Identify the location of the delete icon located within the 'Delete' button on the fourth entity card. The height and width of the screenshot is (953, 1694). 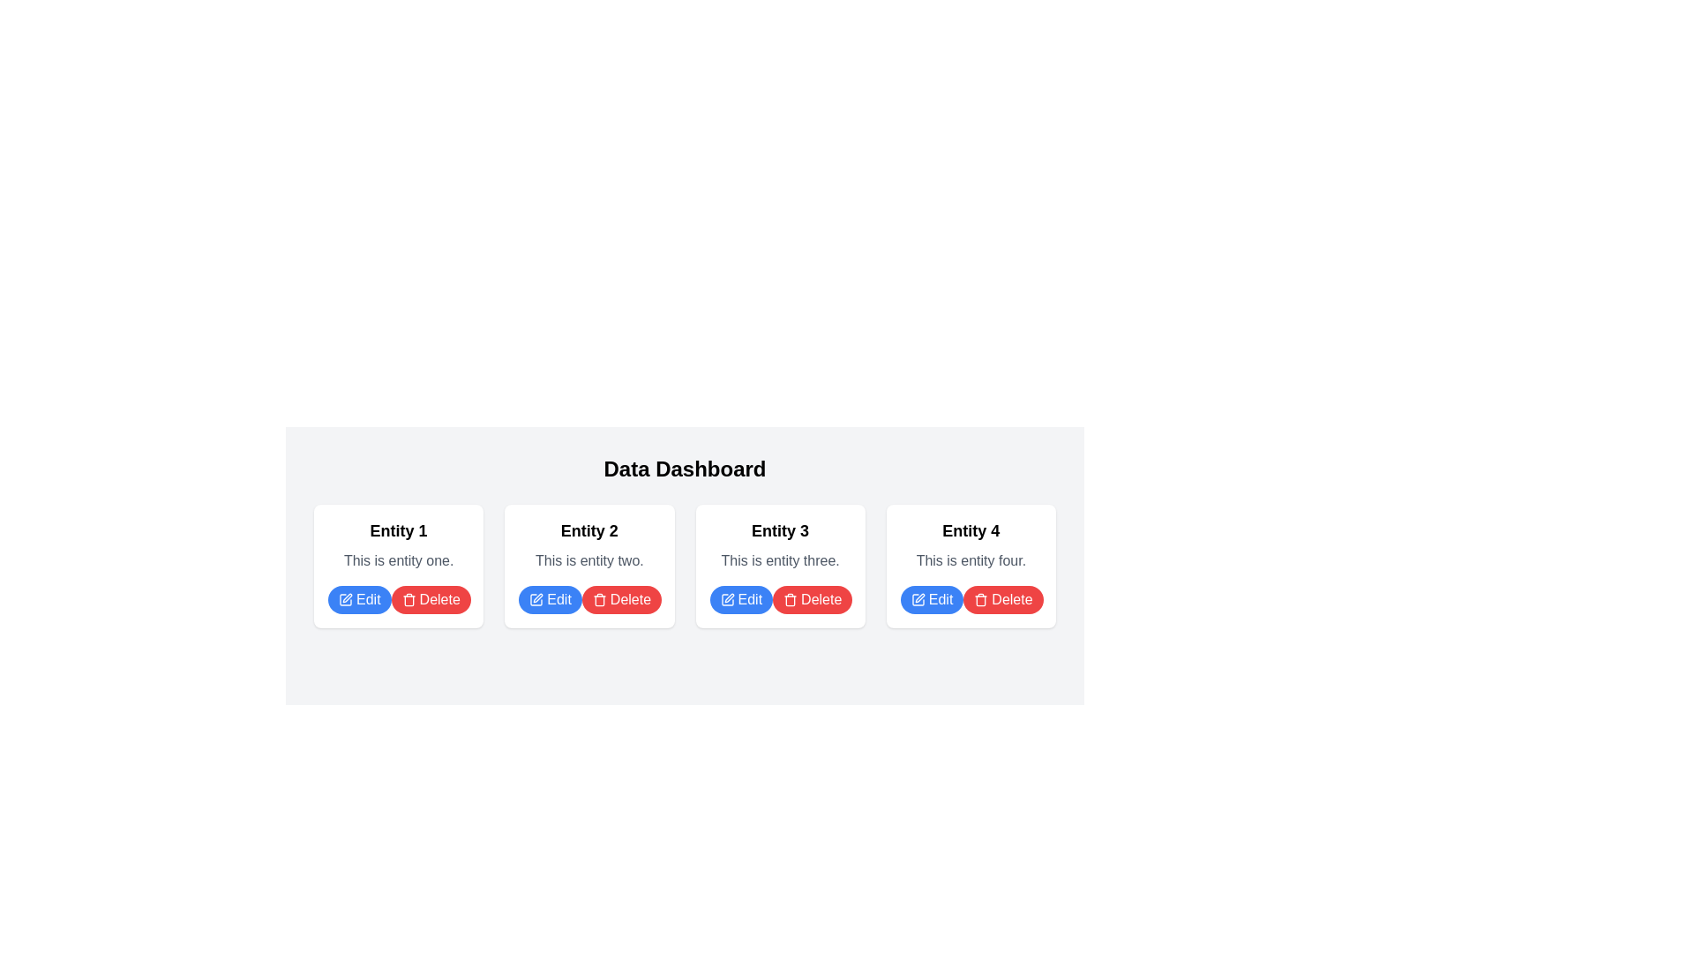
(980, 598).